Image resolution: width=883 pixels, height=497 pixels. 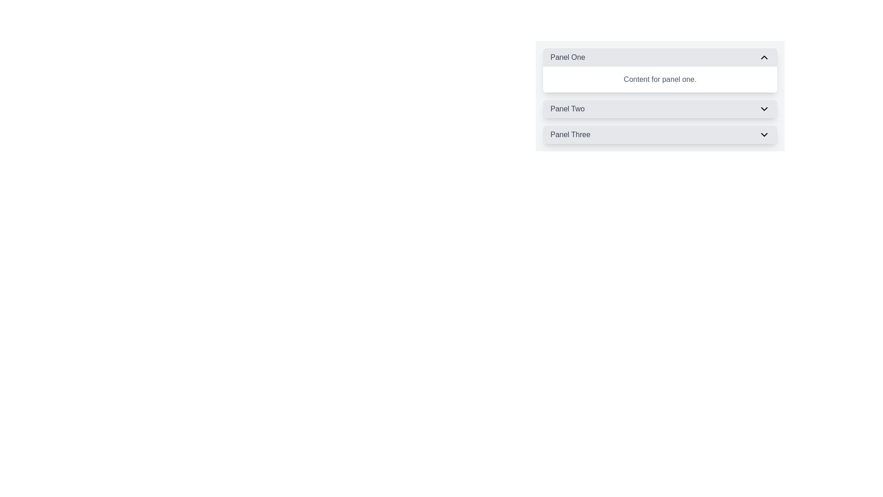 What do you see at coordinates (764, 108) in the screenshot?
I see `the downward-pointing chevron icon located on the right side of the 'Panel Two' header` at bounding box center [764, 108].